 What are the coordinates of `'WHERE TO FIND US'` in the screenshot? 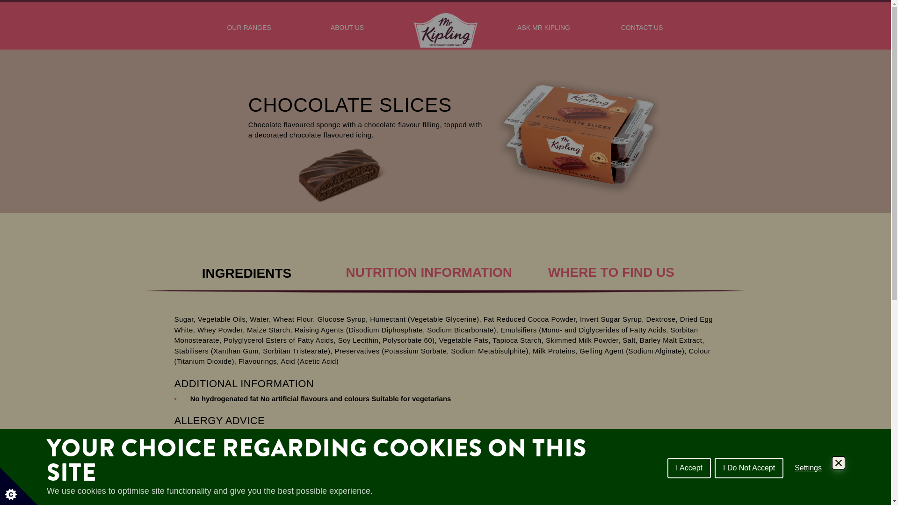 It's located at (611, 263).